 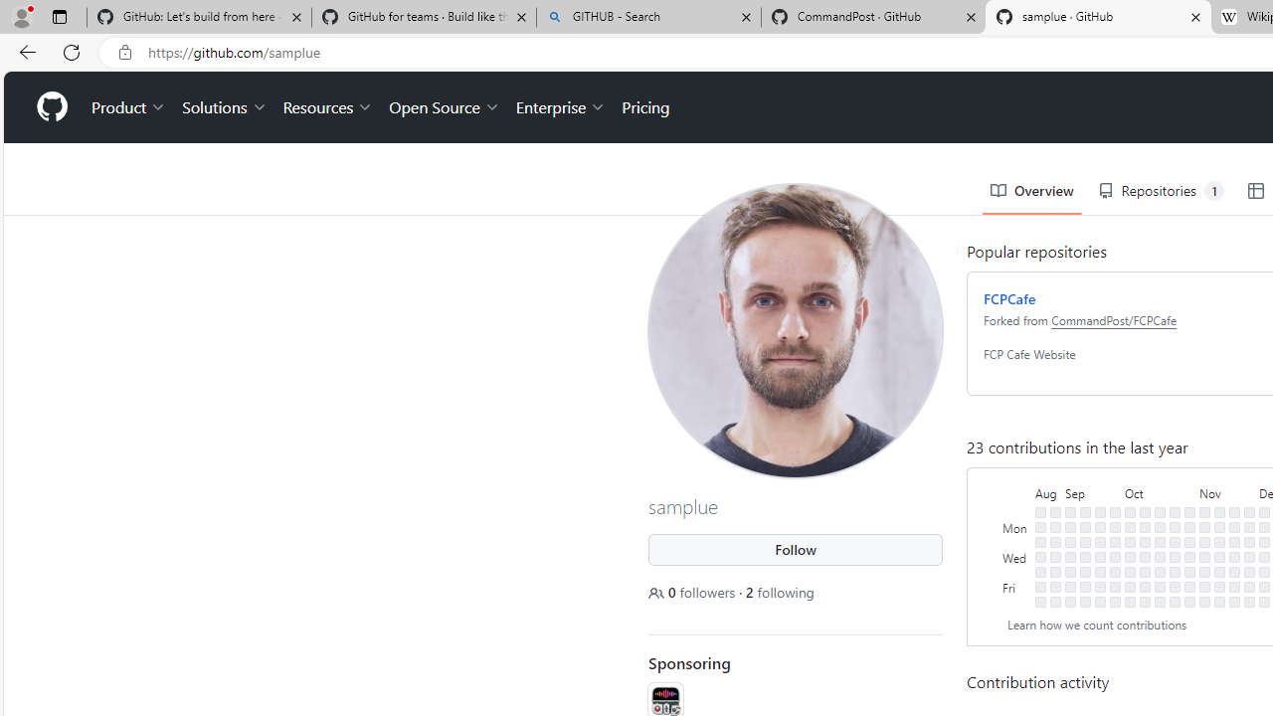 What do you see at coordinates (1248, 571) in the screenshot?
I see `'No contributions on November 30th.'` at bounding box center [1248, 571].